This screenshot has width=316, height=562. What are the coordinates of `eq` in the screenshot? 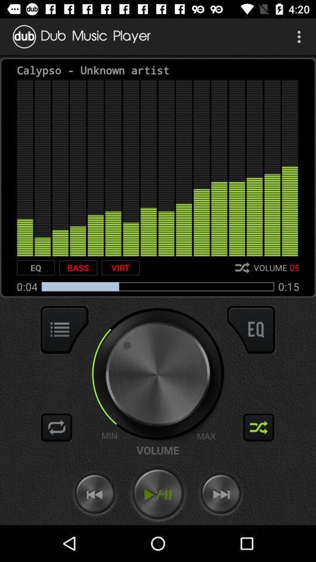 It's located at (36, 268).